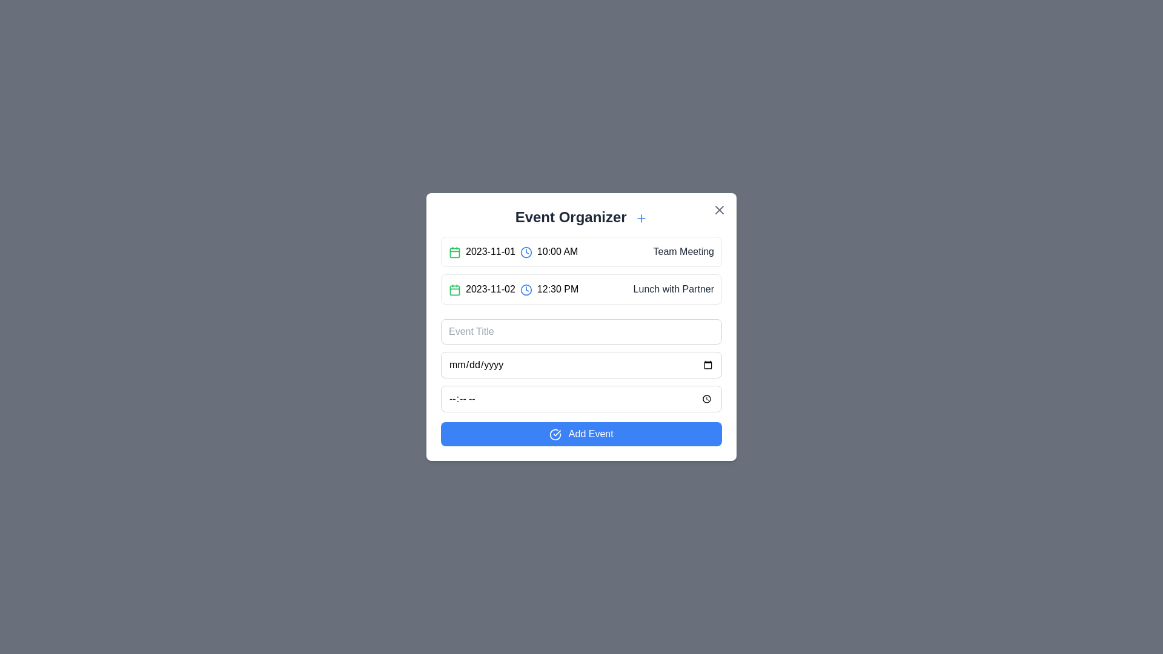  Describe the element at coordinates (526, 289) in the screenshot. I see `the blue circular stroke icon located within the time indicator to the right of the event dated '2023-11-01'` at that location.